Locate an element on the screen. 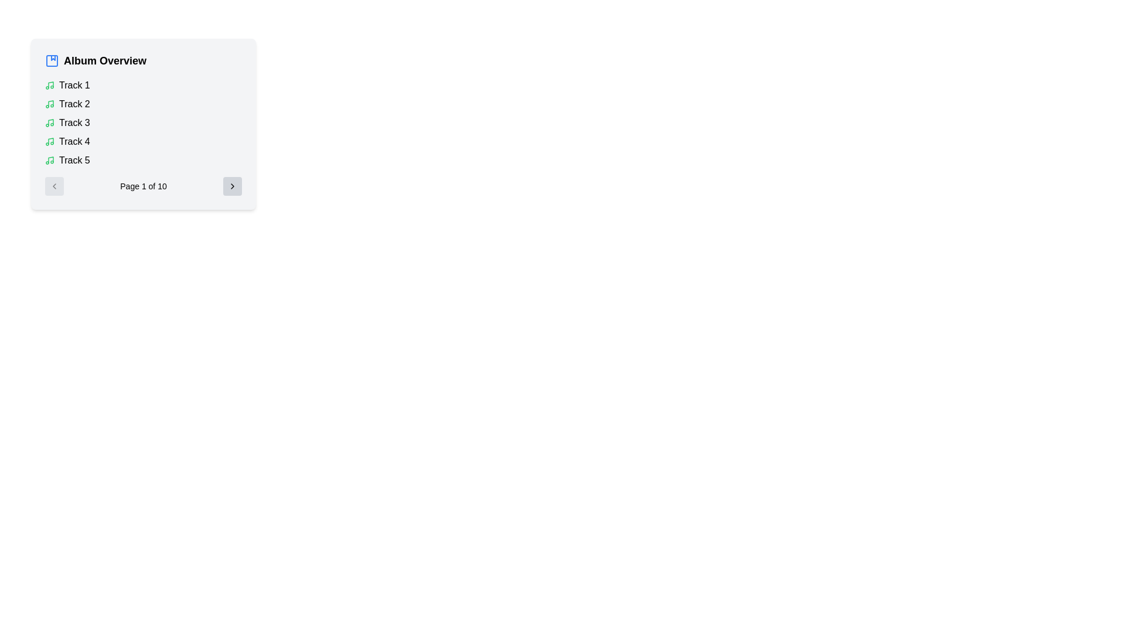  a track in the list of tracks displayed in the 'Album Overview' card, located centrally between the title and pagination control is located at coordinates (142, 122).